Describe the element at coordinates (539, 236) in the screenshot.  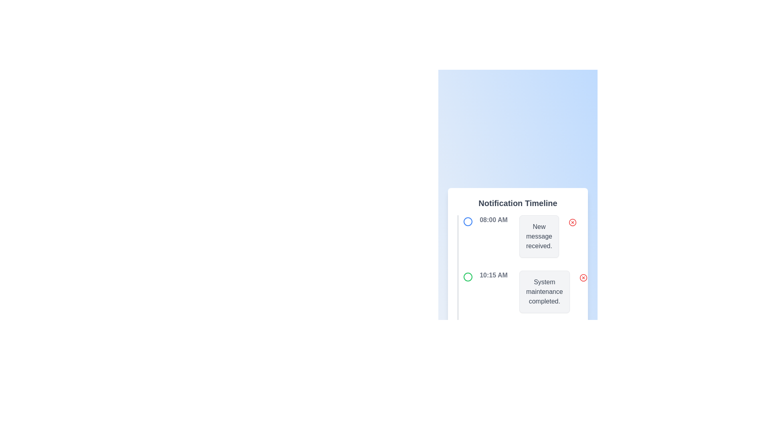
I see `the text label displaying the notification message for a new message received, which is positioned next to the time icon '08:00 AM' and a delete button` at that location.